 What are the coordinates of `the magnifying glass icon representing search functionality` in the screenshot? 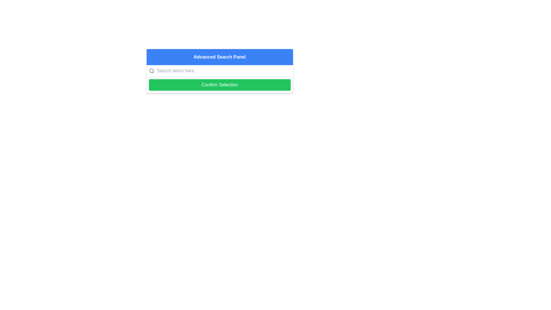 It's located at (152, 70).